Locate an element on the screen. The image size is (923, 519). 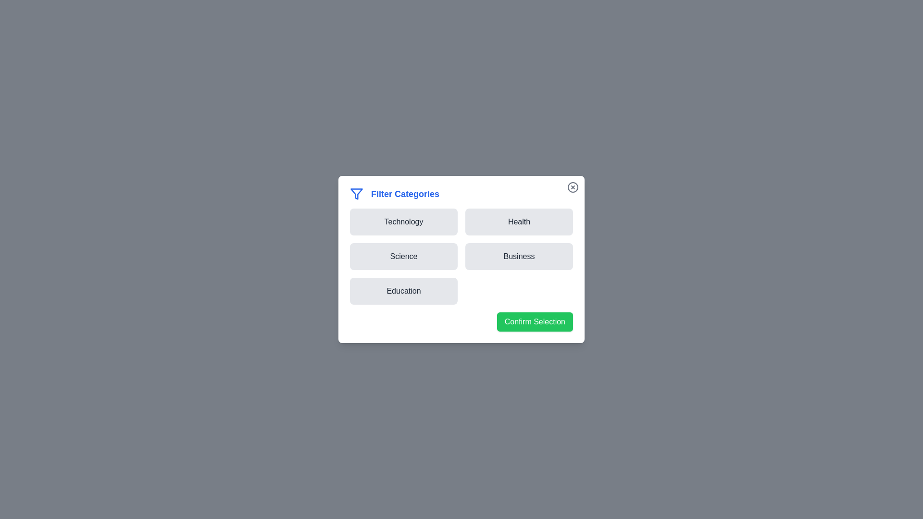
the button corresponding to the category Technology is located at coordinates (404, 222).